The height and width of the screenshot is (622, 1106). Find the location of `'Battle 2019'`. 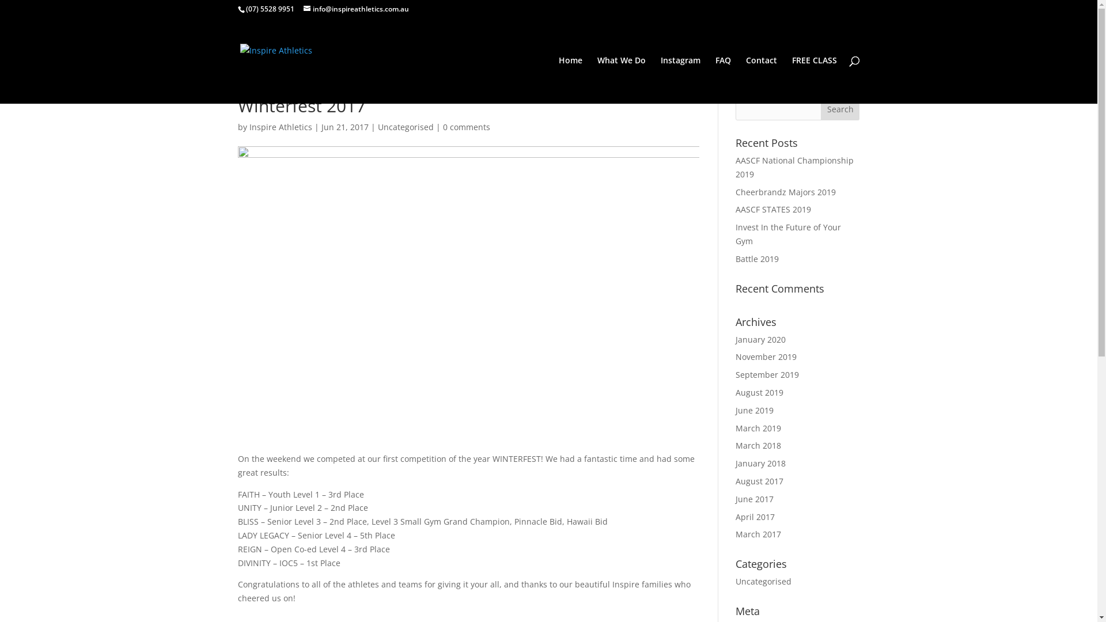

'Battle 2019' is located at coordinates (734, 258).